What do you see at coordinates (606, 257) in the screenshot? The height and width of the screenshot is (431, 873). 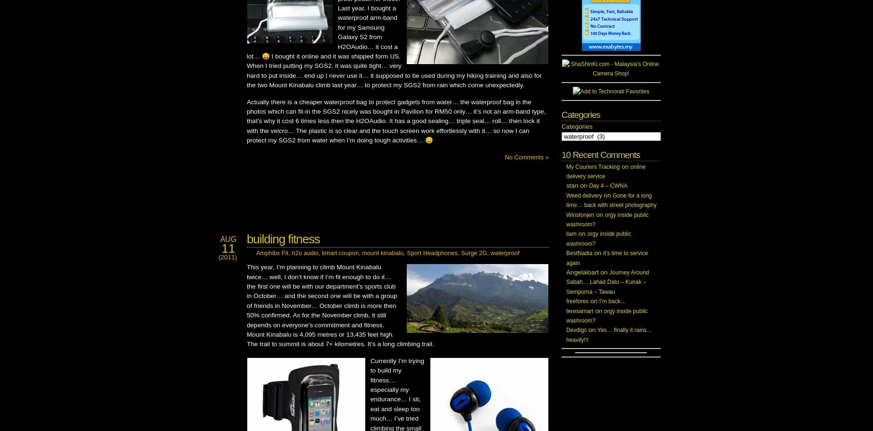 I see `'it’s time to service again'` at bounding box center [606, 257].